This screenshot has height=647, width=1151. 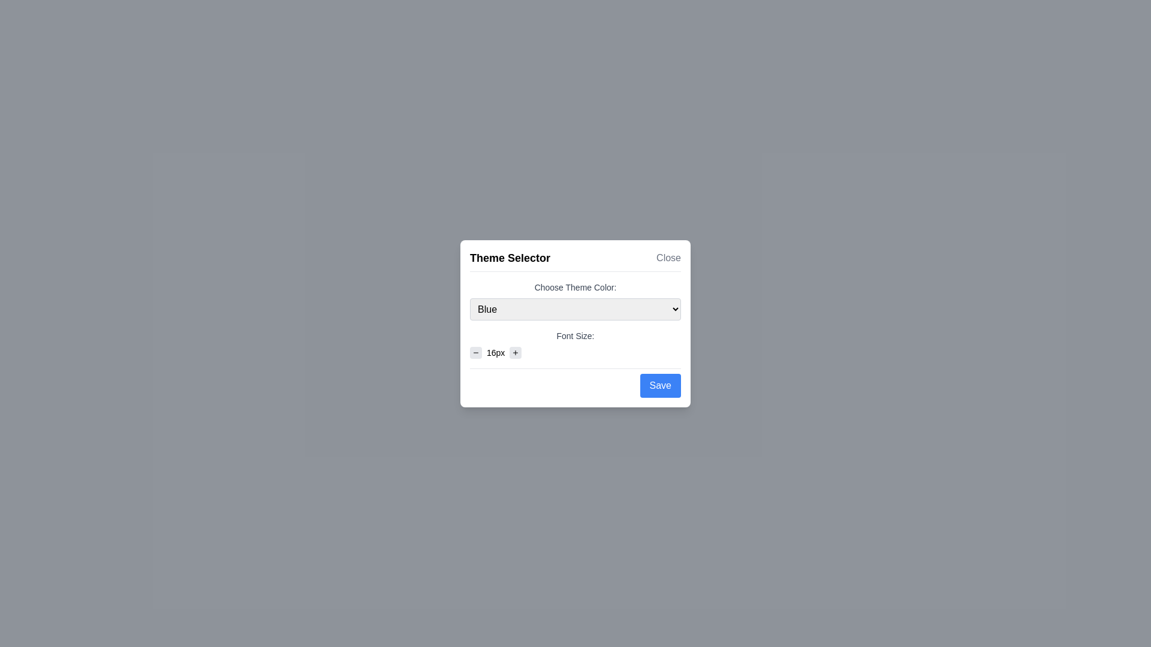 What do you see at coordinates (516, 352) in the screenshot?
I see `the Icon button, which is a small circular button with a plus sign ('+') located to the right of the '16px' text in the 'Font Size' section of the dialog box` at bounding box center [516, 352].